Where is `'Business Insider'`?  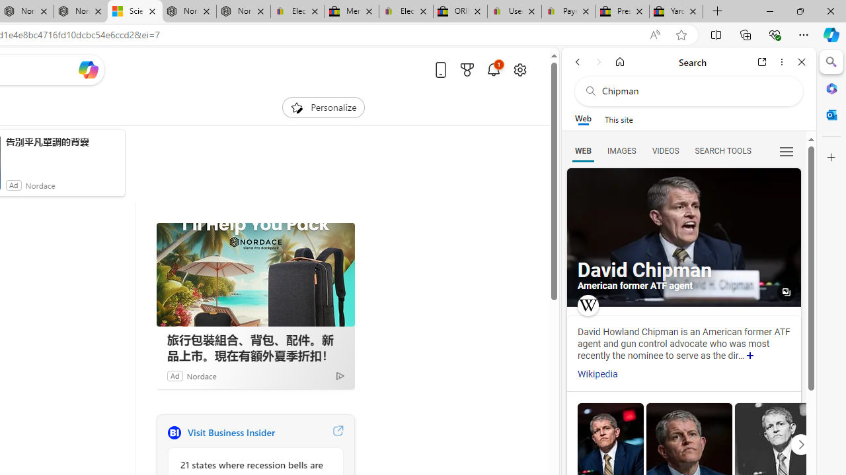
'Business Insider' is located at coordinates (173, 432).